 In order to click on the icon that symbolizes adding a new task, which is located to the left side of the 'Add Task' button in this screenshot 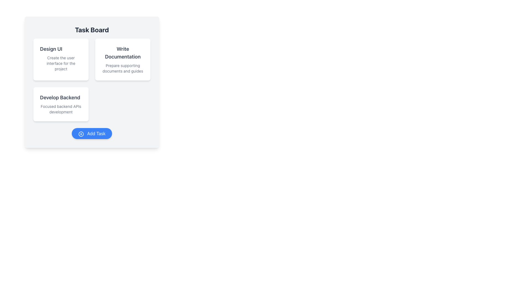, I will do `click(81, 134)`.